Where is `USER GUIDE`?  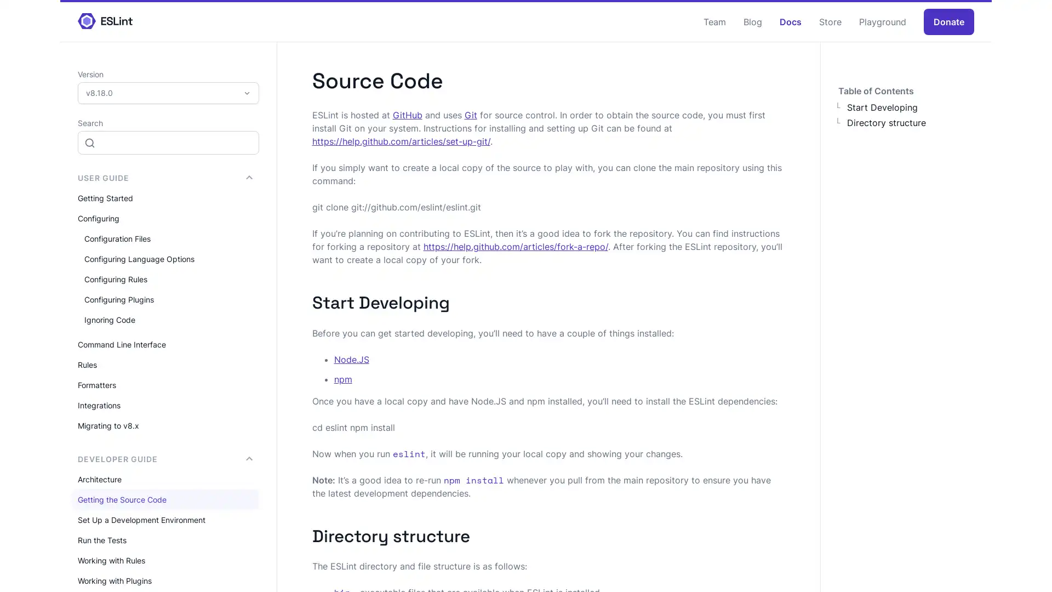
USER GUIDE is located at coordinates (164, 177).